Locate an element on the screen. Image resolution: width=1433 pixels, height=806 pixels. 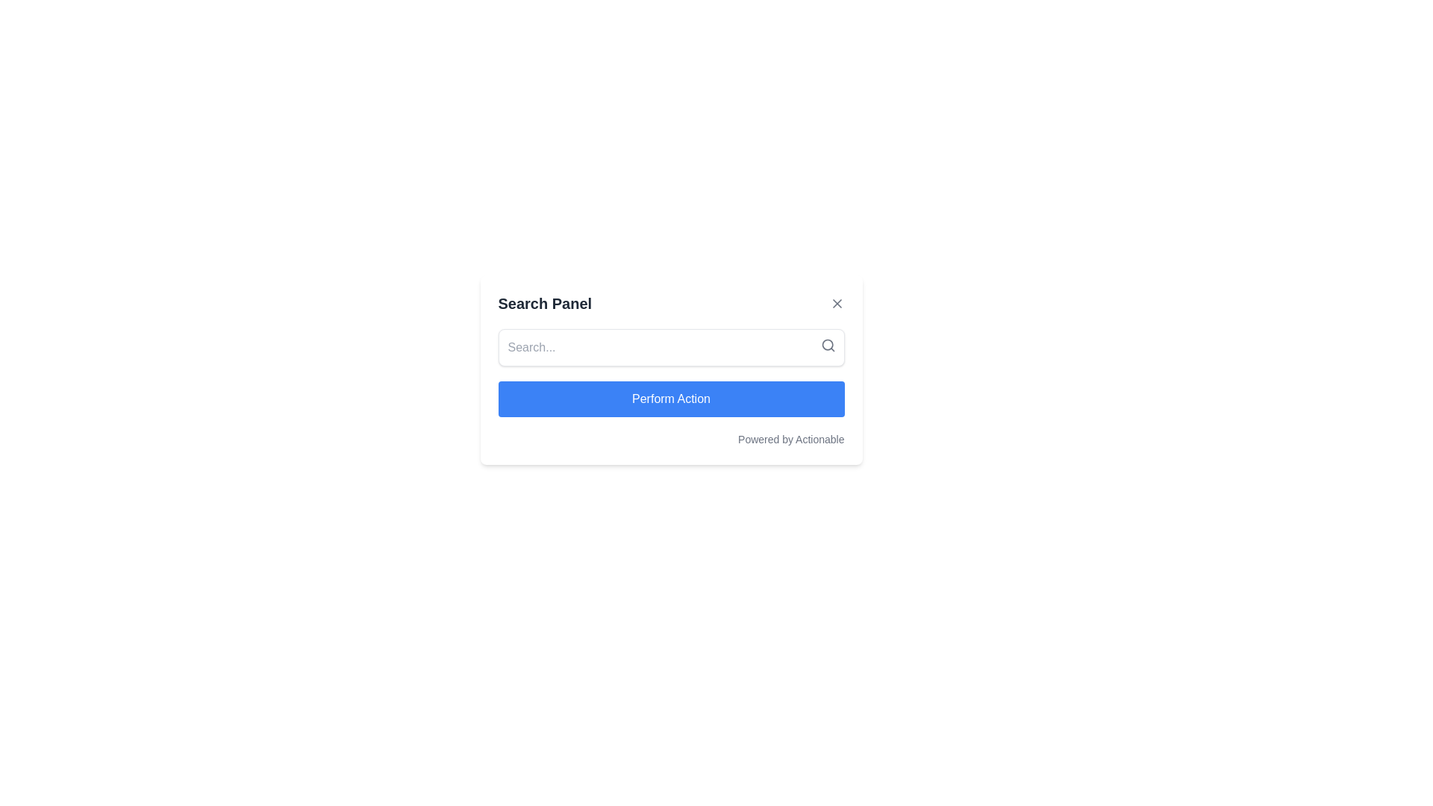
the search action trigger button (styled as an icon) located in the top right corner of the search bar is located at coordinates (827, 345).